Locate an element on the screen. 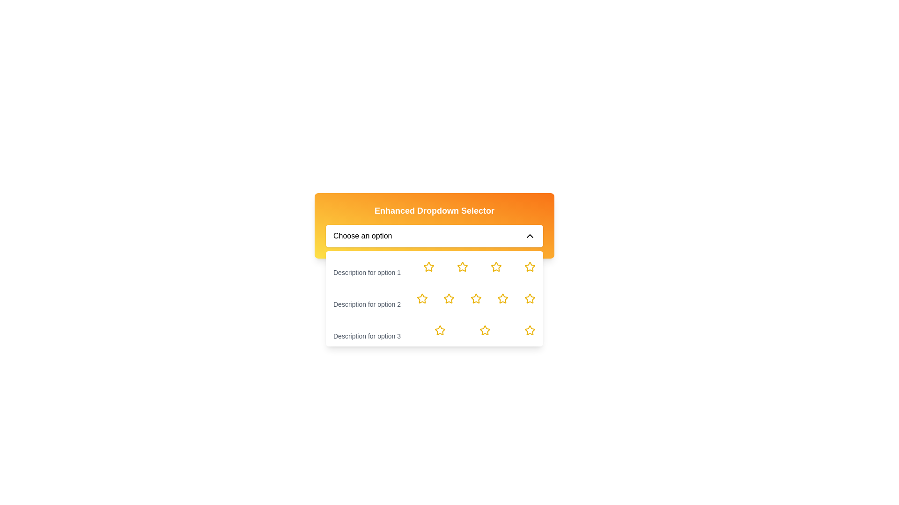 This screenshot has width=899, height=505. the third star icon with a yellow outline in the Enhanced Dropdown Selector is located at coordinates (485, 330).